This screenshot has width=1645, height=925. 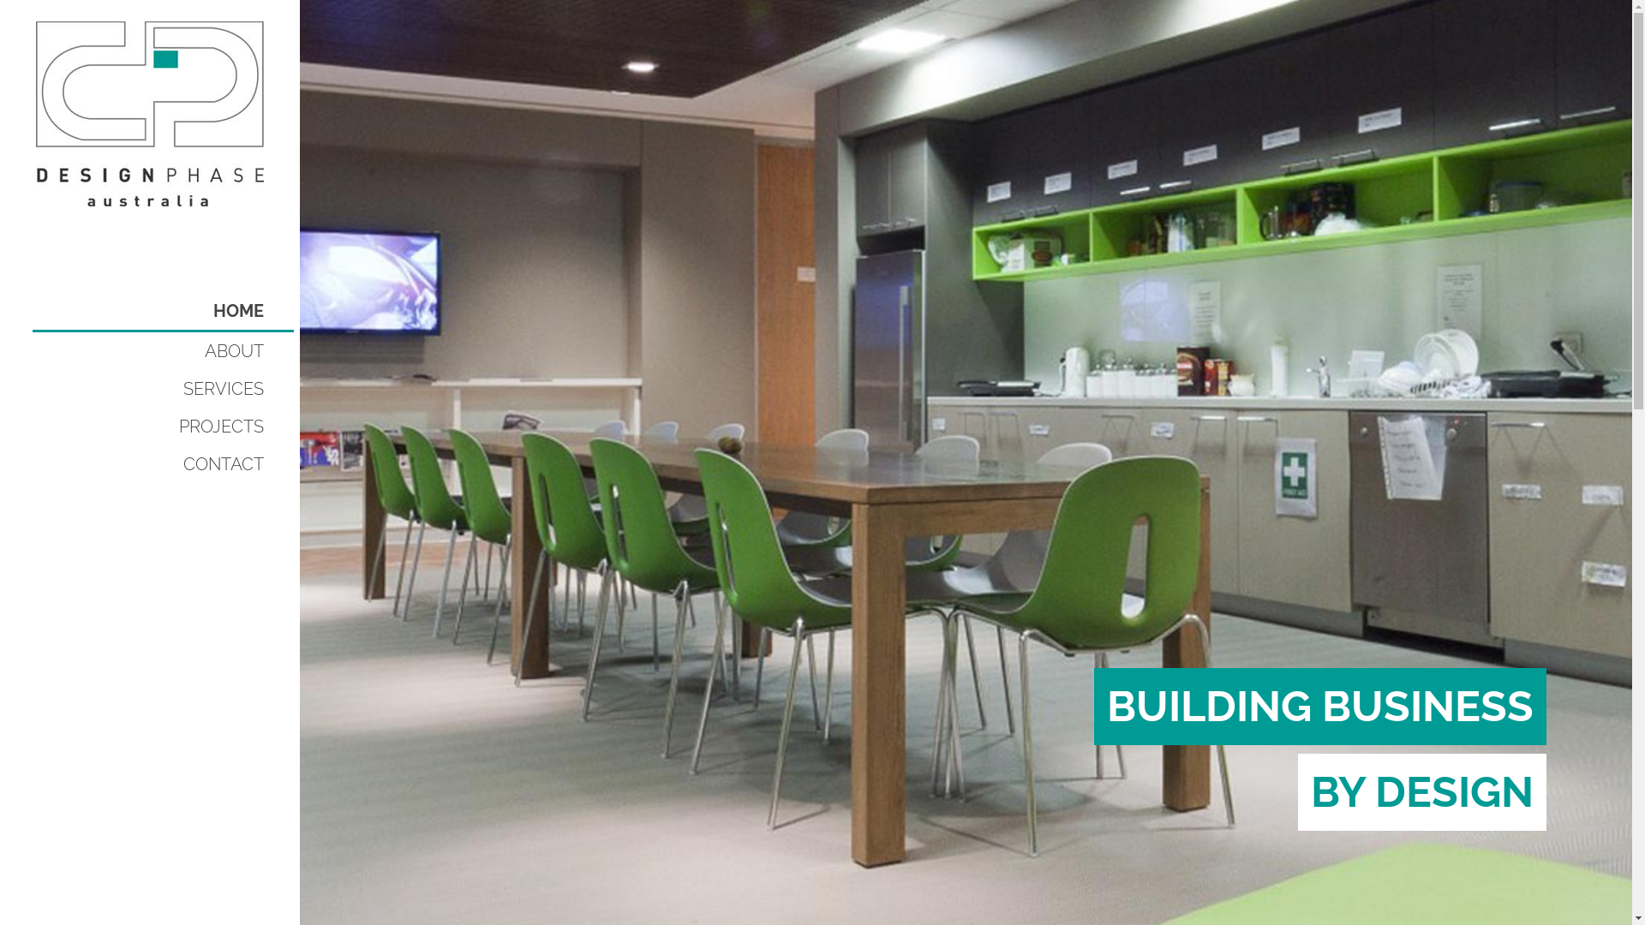 I want to click on 'ABOUT', so click(x=163, y=349).